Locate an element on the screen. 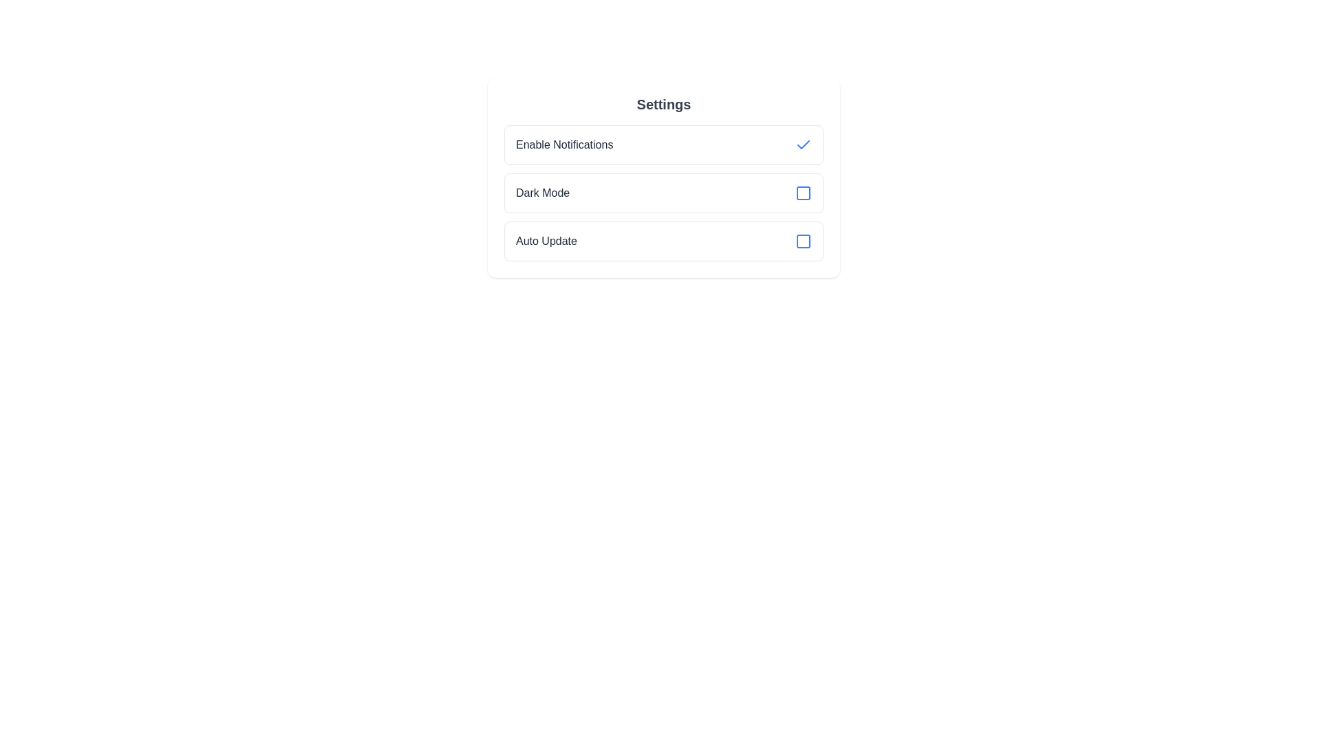  the 'Dark Mode' selectable list item in the settings options is located at coordinates (663, 193).